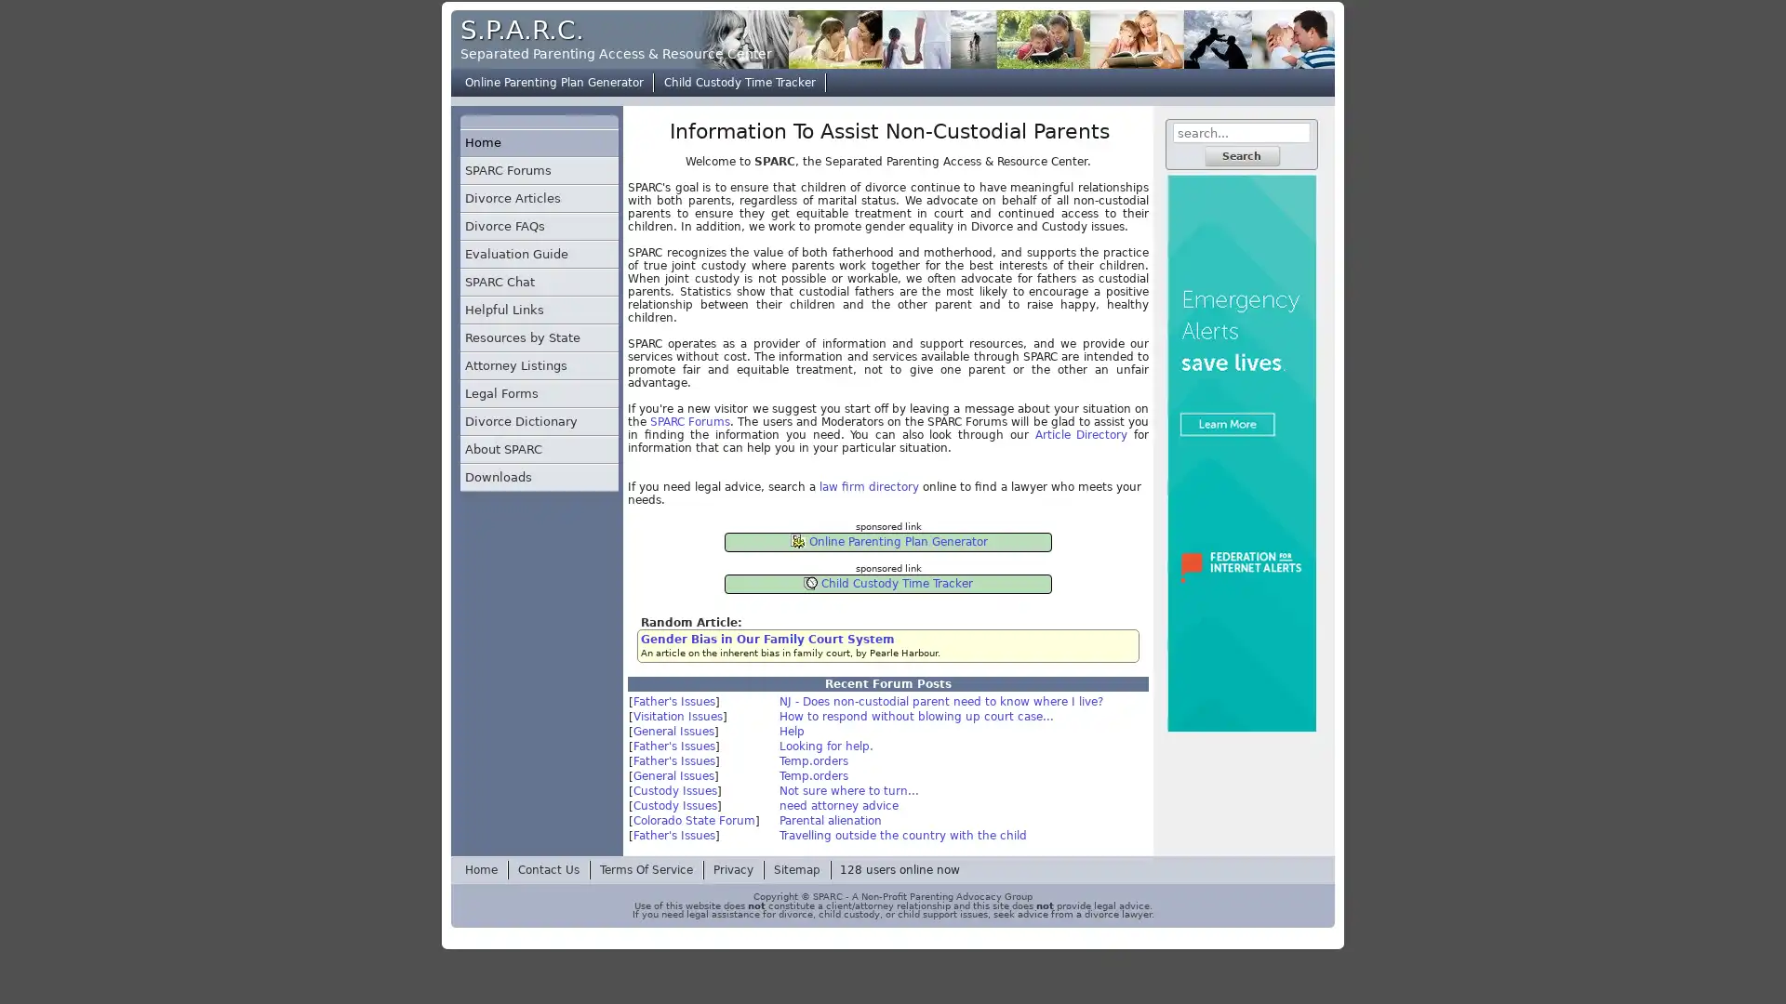 The height and width of the screenshot is (1004, 1786). I want to click on Search, so click(1241, 155).